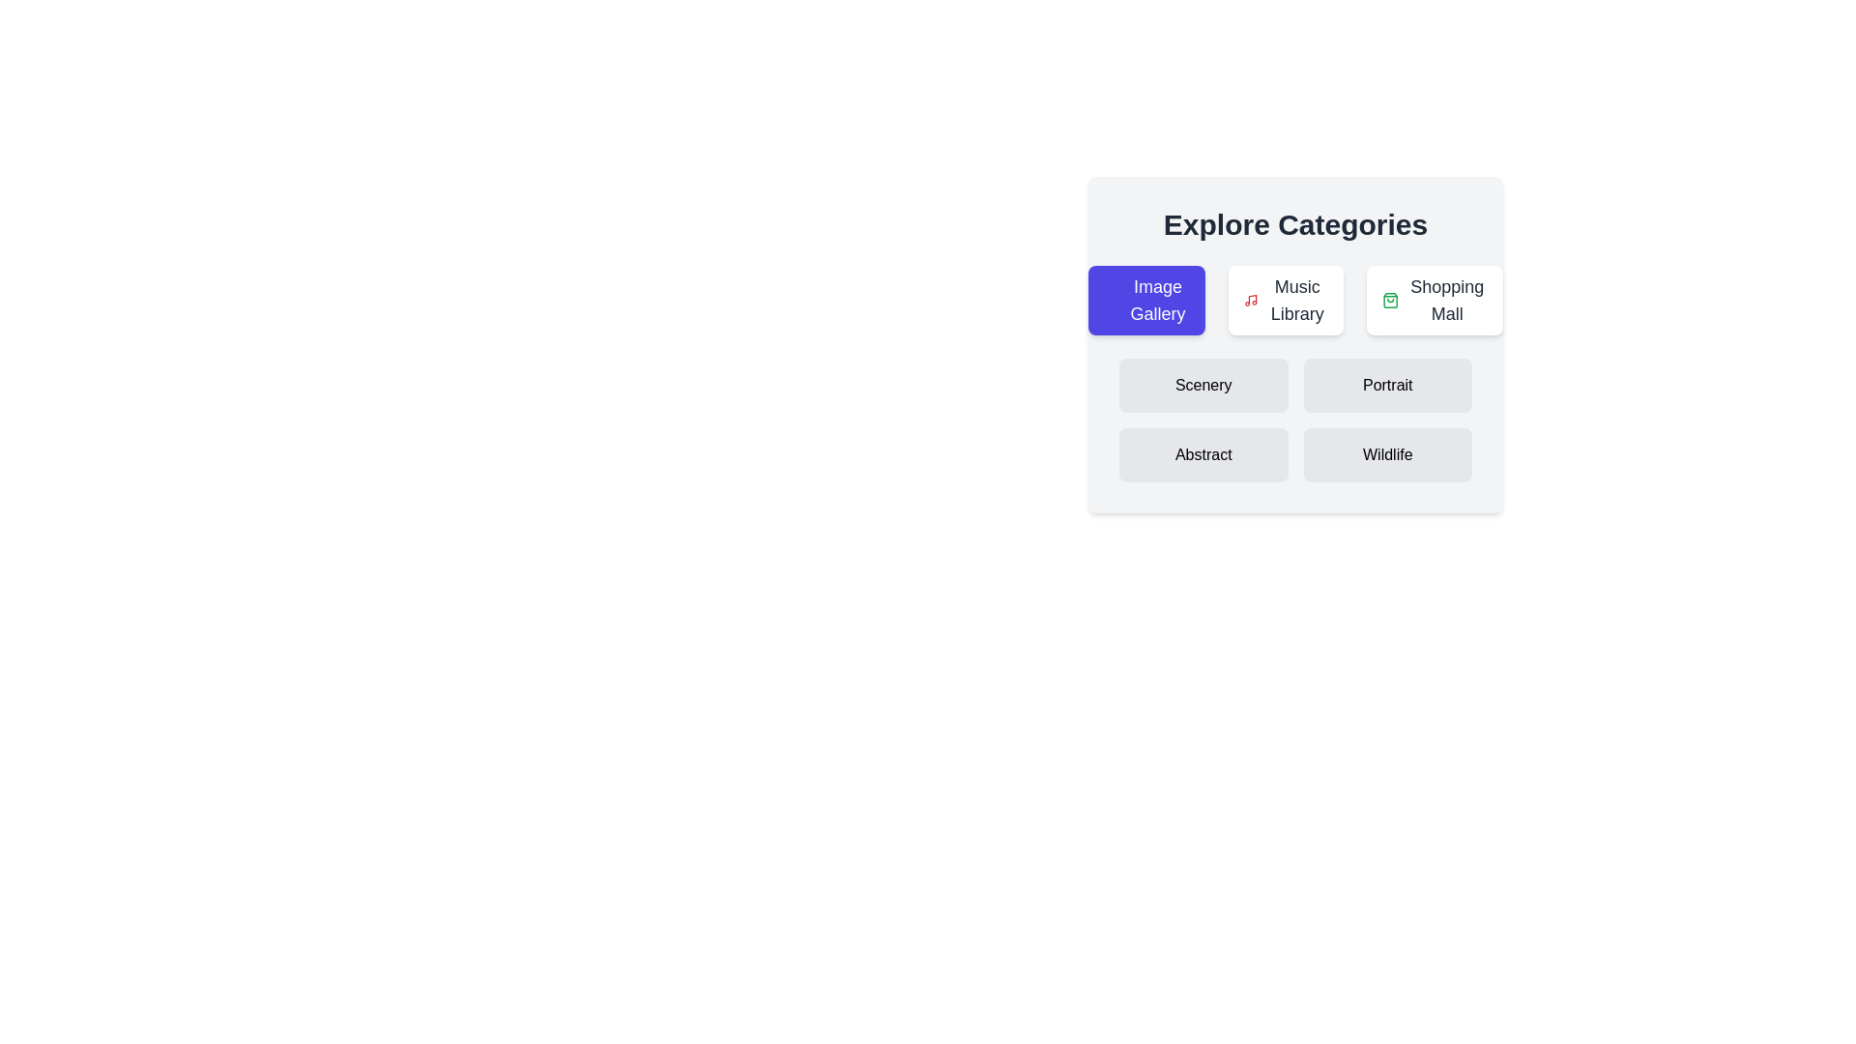 This screenshot has width=1856, height=1044. What do you see at coordinates (1146, 301) in the screenshot?
I see `the leftmost button in the 'Explore Categories' section` at bounding box center [1146, 301].